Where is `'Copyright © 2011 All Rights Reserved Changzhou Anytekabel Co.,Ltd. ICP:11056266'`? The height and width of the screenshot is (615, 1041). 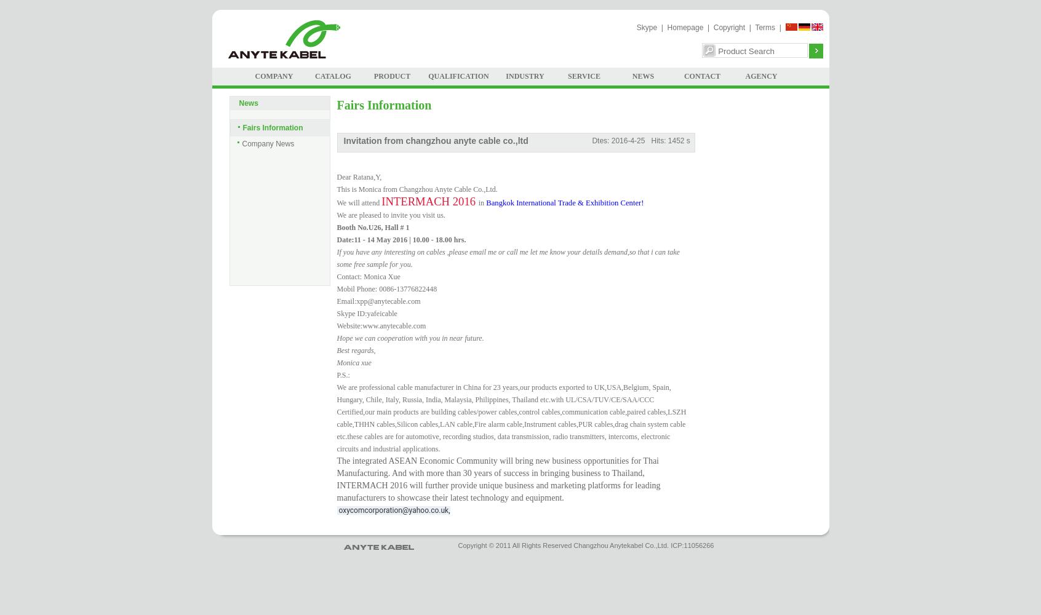
'Copyright © 2011 All Rights Reserved Changzhou Anytekabel Co.,Ltd. ICP:11056266' is located at coordinates (585, 546).